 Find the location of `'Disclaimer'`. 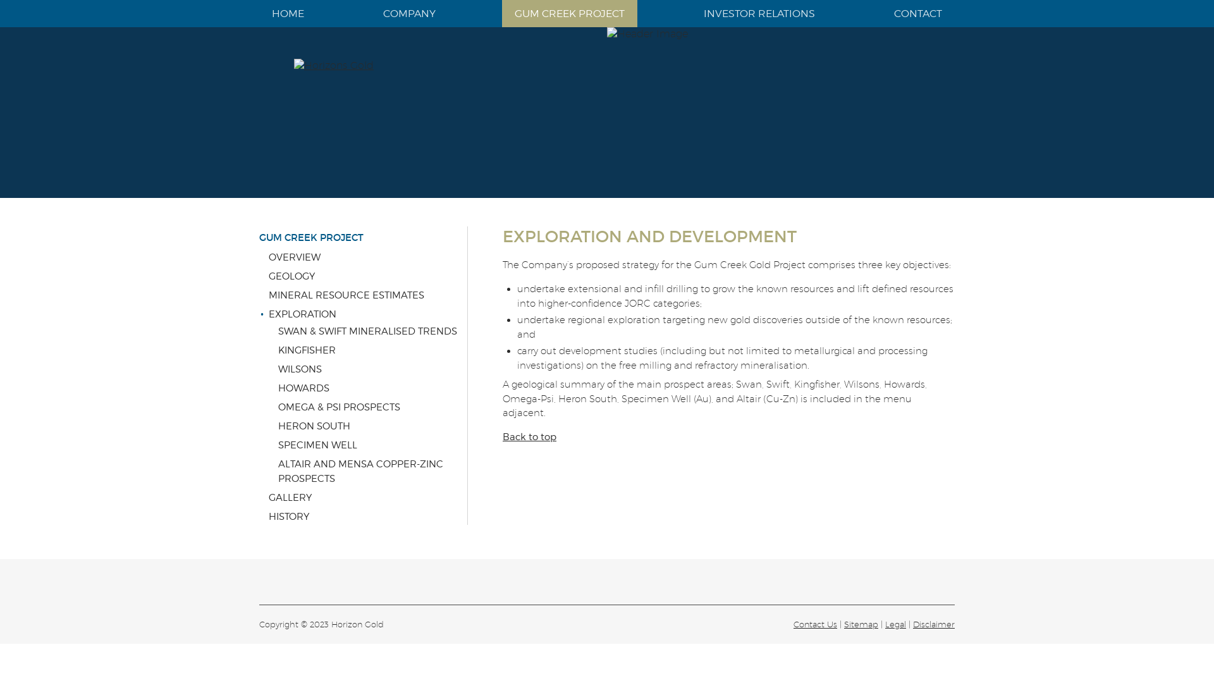

'Disclaimer' is located at coordinates (934, 624).